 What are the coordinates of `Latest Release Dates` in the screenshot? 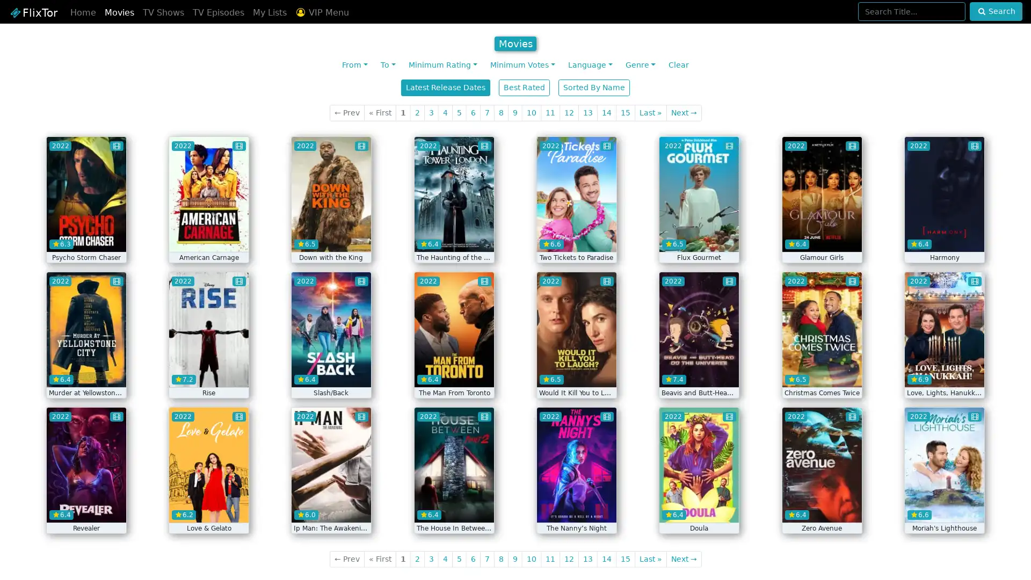 It's located at (446, 87).